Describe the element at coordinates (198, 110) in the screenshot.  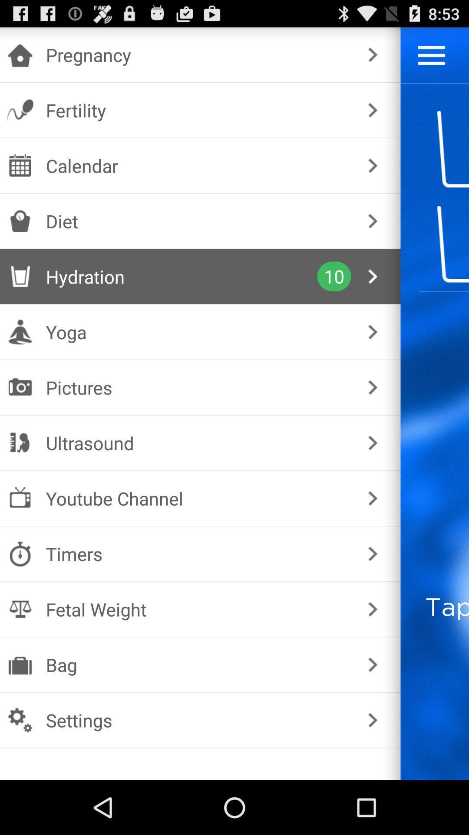
I see `the fertility item` at that location.